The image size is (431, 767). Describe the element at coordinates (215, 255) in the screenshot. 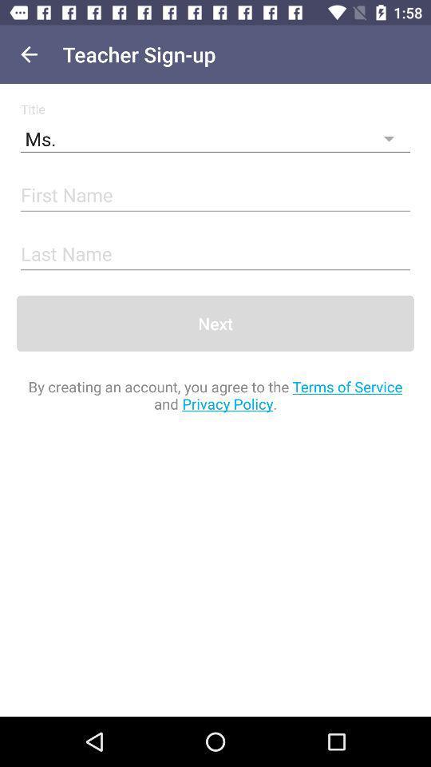

I see `one person the next name` at that location.